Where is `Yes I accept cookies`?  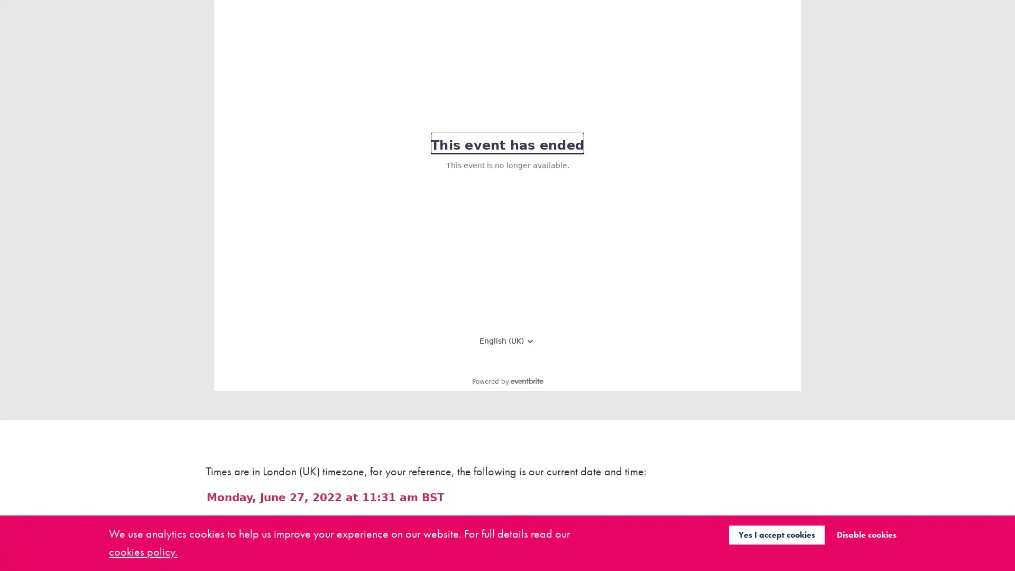 Yes I accept cookies is located at coordinates (776, 534).